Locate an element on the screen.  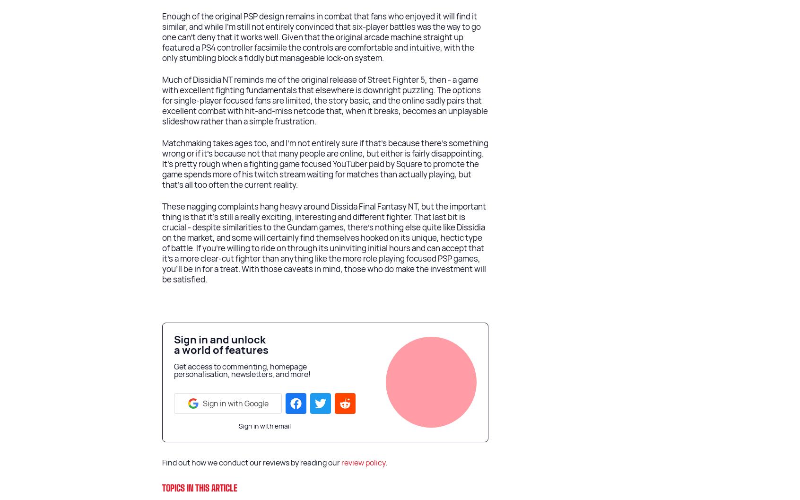
'Find out how we conduct our reviews by reading our' is located at coordinates (252, 463).